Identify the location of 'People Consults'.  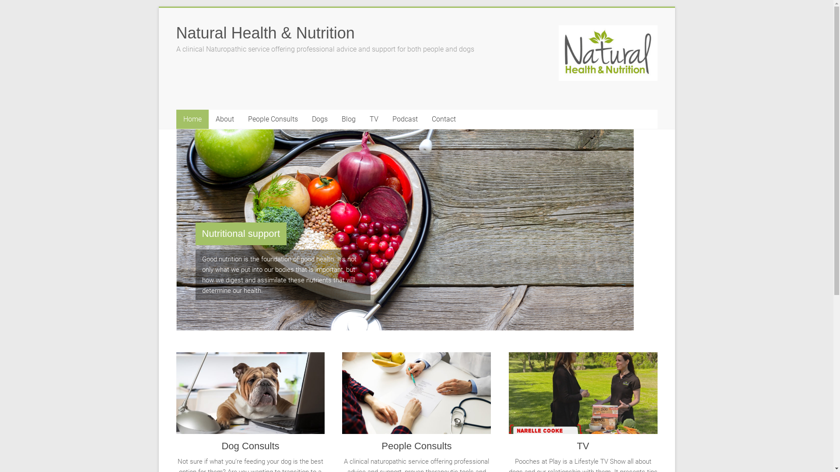
(241, 119).